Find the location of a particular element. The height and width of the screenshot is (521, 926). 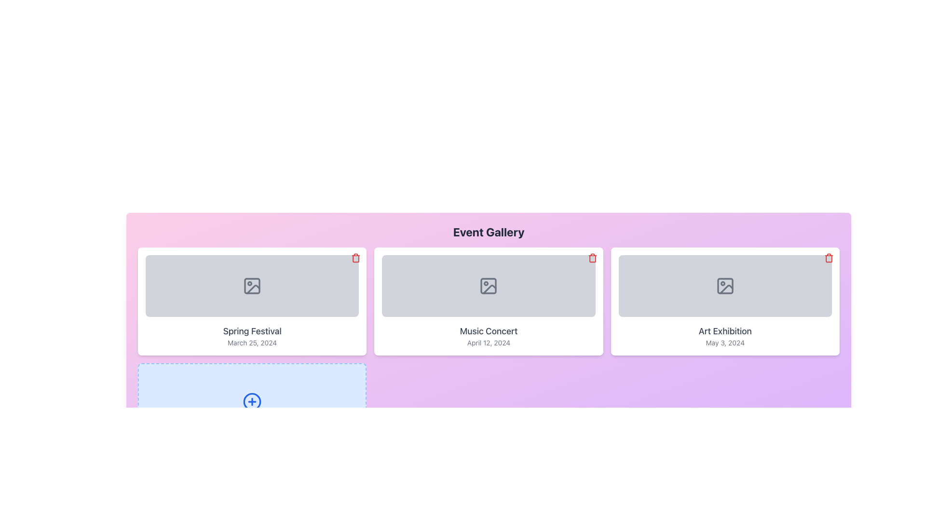

the static text element that displays the event title within the first card on the left, positioned centrally beneath the image placeholder and above the date 'March 25, 2024' is located at coordinates (252, 330).